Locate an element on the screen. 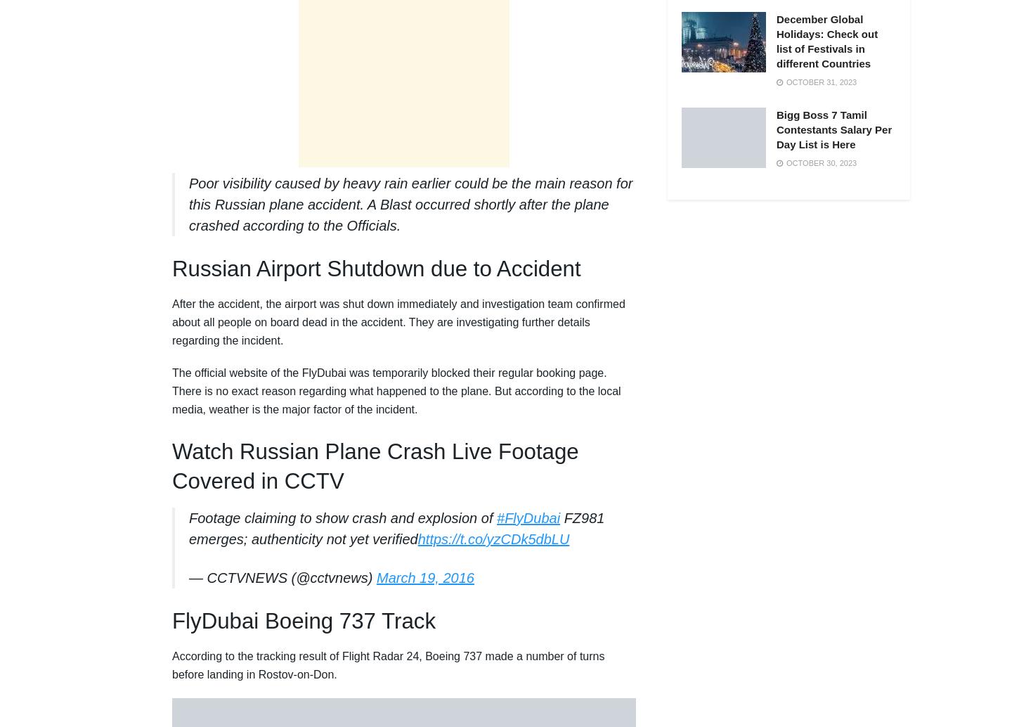  'After the accident, the airport was shut down immediately and investigation team confirmed about all people on board dead in the accident. They are investigating further details regarding the incident.' is located at coordinates (172, 321).